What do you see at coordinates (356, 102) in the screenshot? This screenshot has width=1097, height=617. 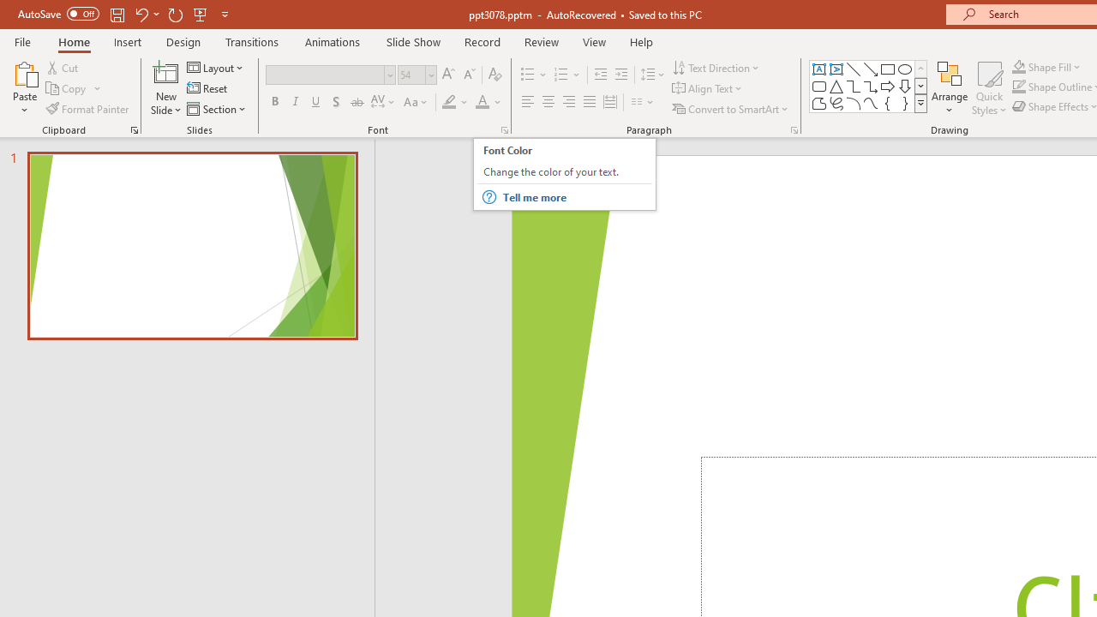 I see `'Strikethrough'` at bounding box center [356, 102].